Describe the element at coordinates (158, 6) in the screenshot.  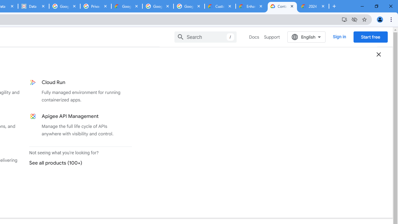
I see `'Google Workspace - Specific Terms'` at that location.